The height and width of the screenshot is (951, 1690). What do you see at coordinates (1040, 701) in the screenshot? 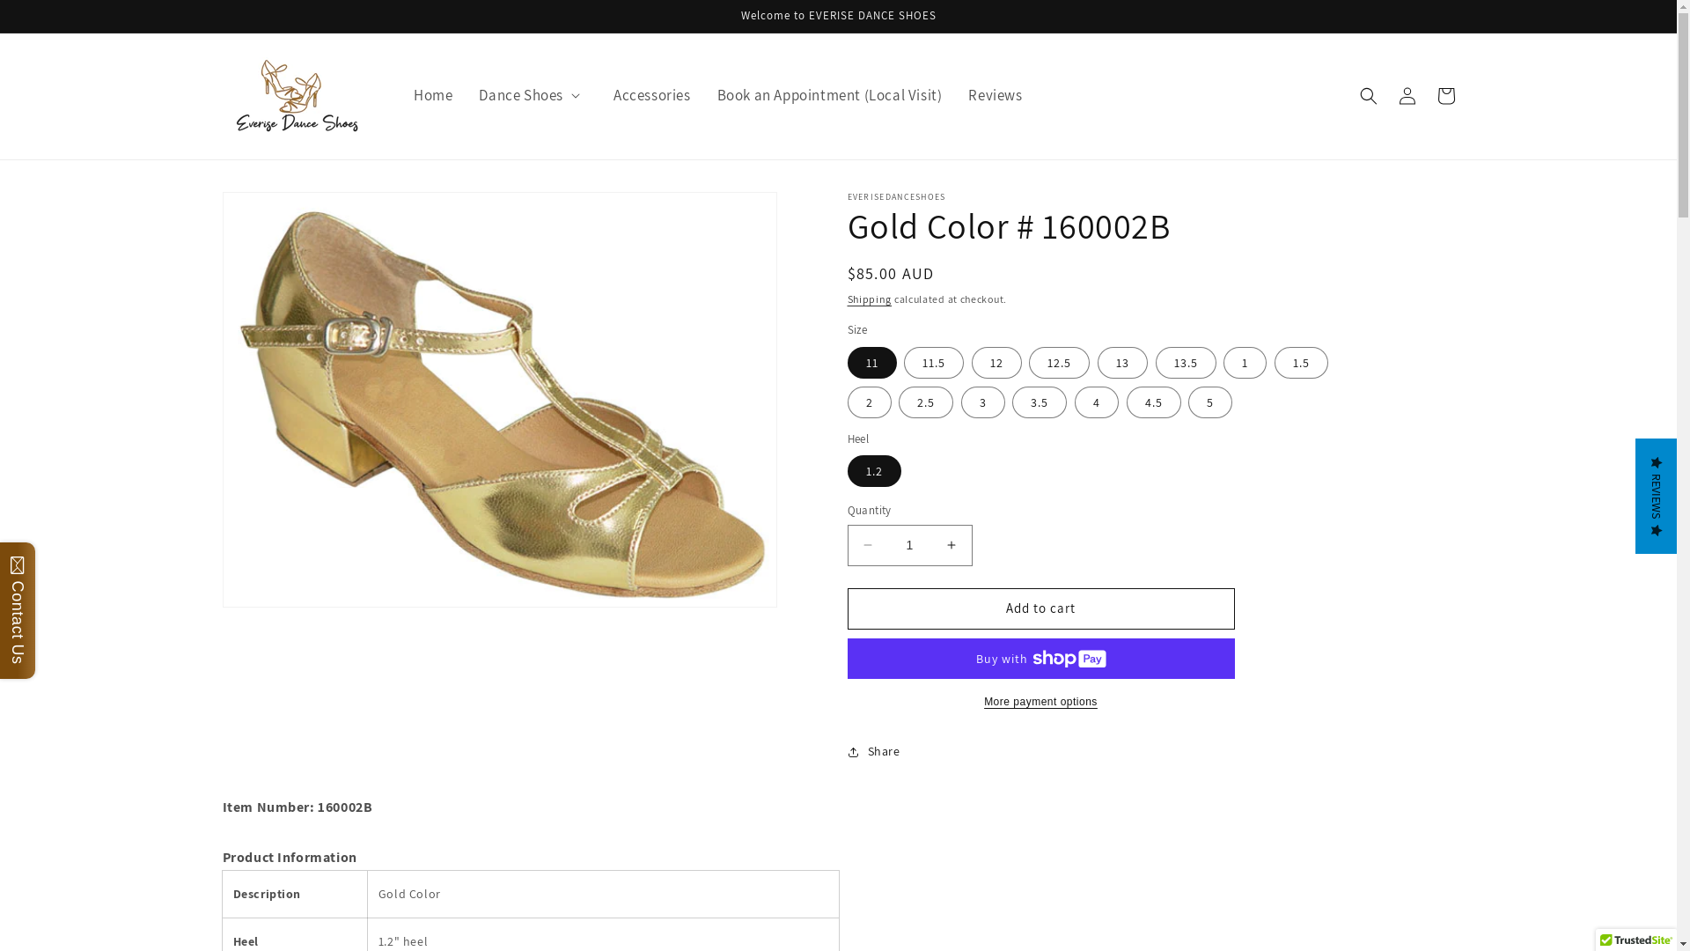
I see `'More payment options'` at bounding box center [1040, 701].